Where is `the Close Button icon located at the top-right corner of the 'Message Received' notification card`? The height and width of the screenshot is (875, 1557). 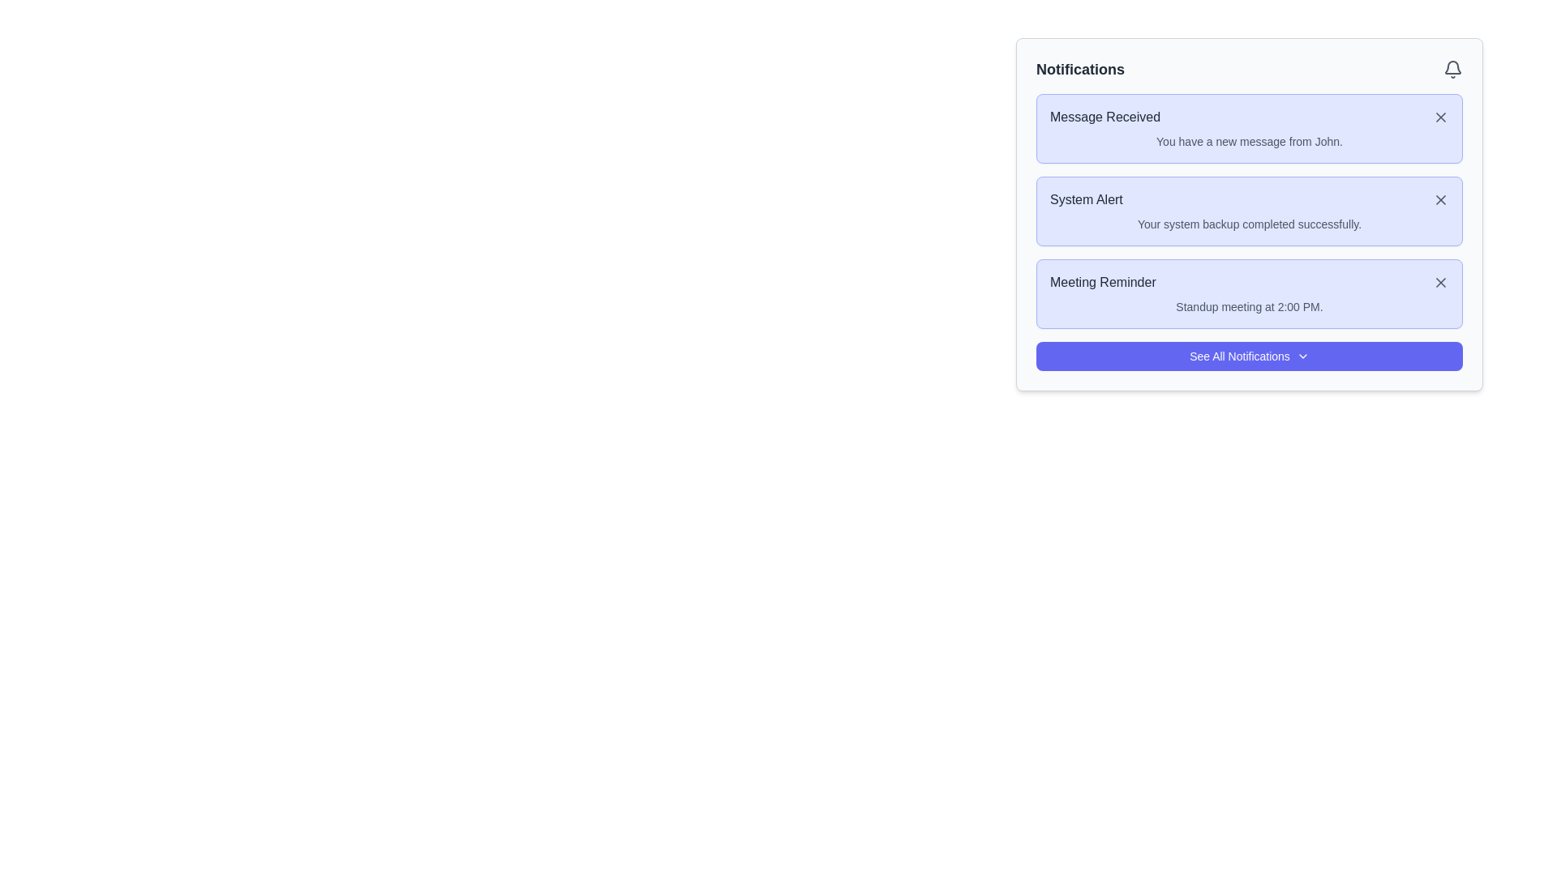 the Close Button icon located at the top-right corner of the 'Message Received' notification card is located at coordinates (1440, 117).